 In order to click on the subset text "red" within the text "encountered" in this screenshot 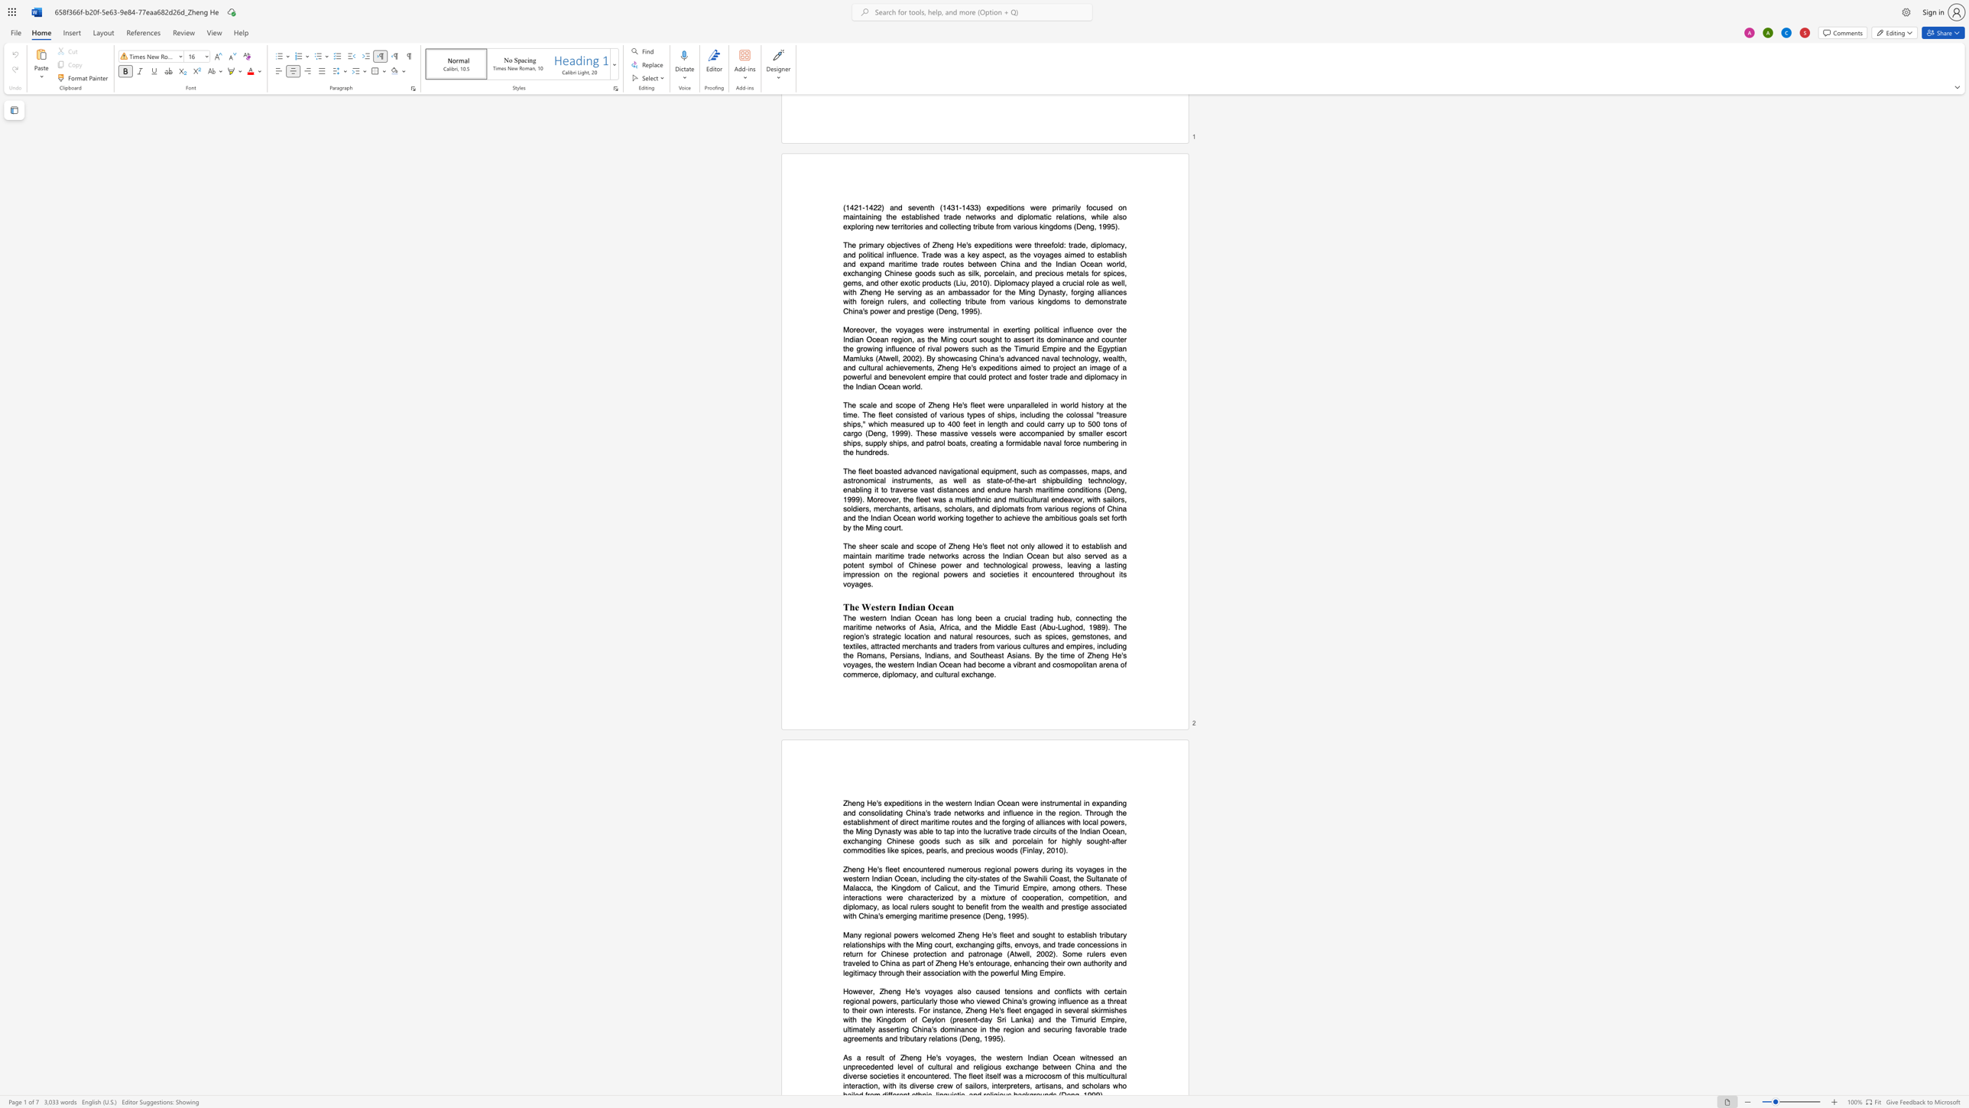, I will do `click(934, 869)`.